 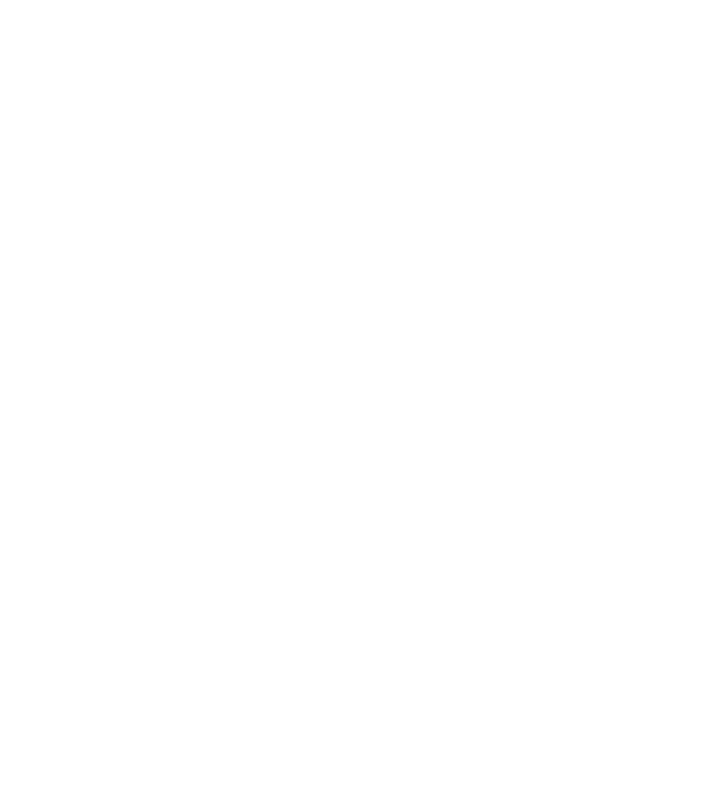 I want to click on 'Attackers Target Max-Severity Apache ActiveMQ Bug to Drop Ransomware', so click(x=400, y=311).